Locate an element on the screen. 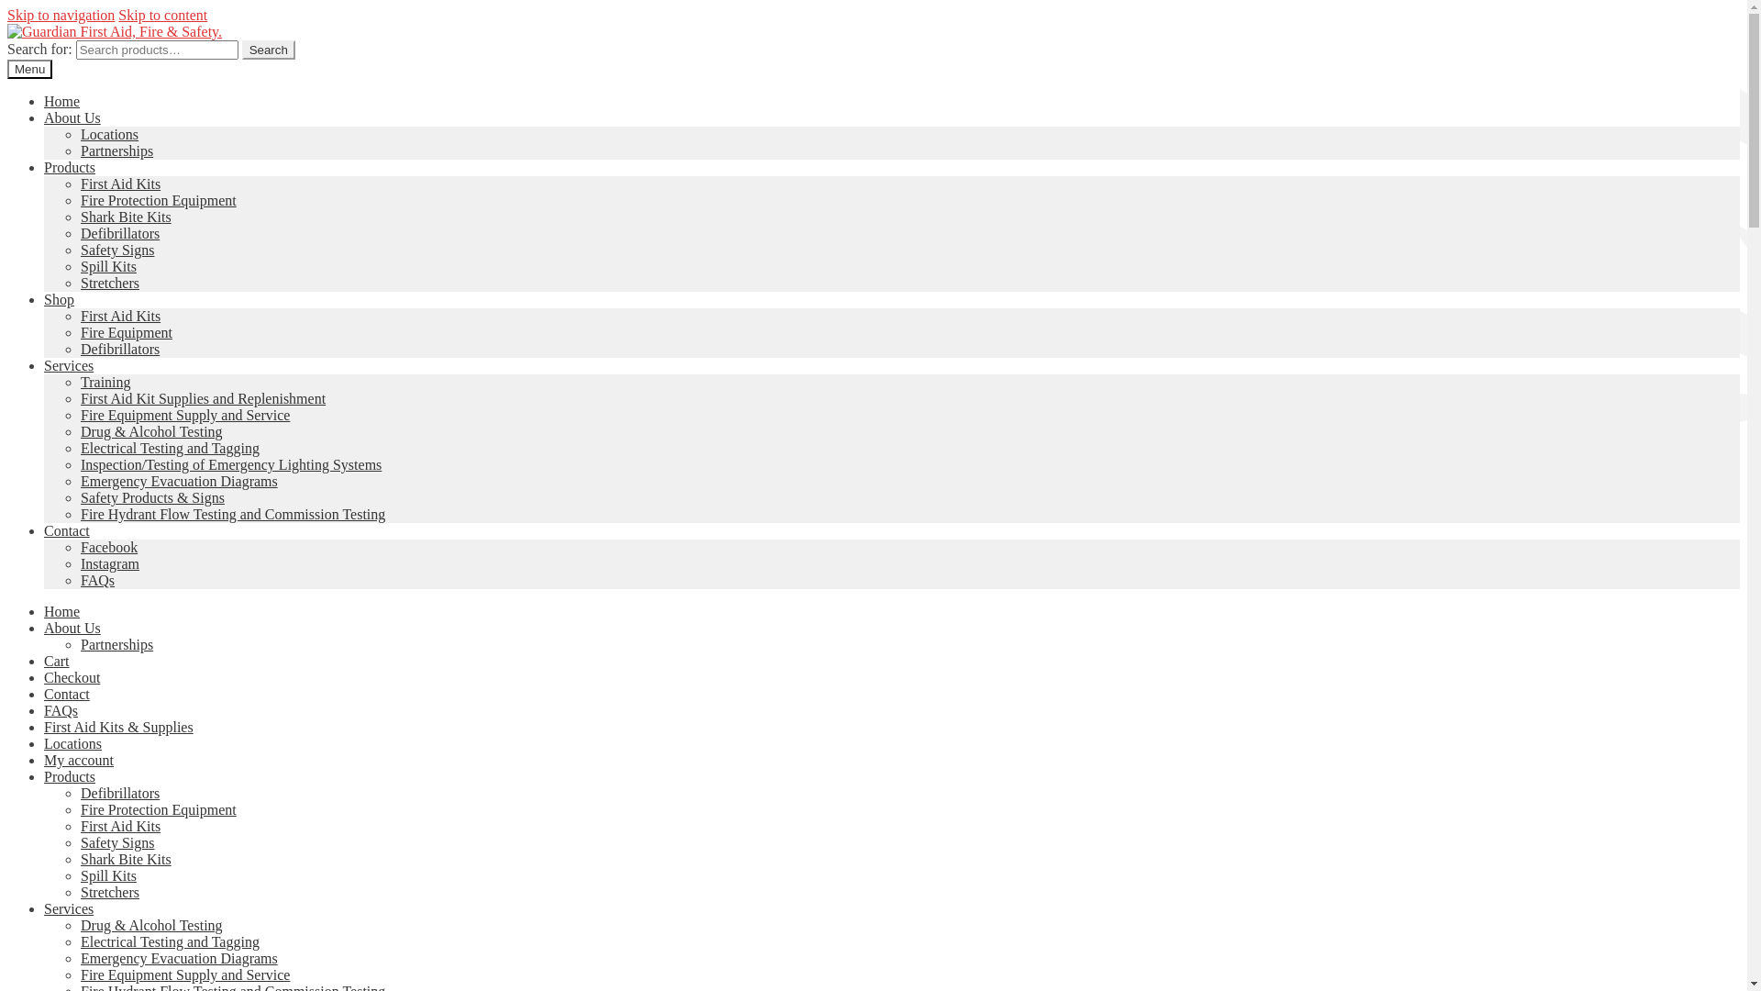 The width and height of the screenshot is (1761, 991). 'Facebook' is located at coordinates (108, 546).